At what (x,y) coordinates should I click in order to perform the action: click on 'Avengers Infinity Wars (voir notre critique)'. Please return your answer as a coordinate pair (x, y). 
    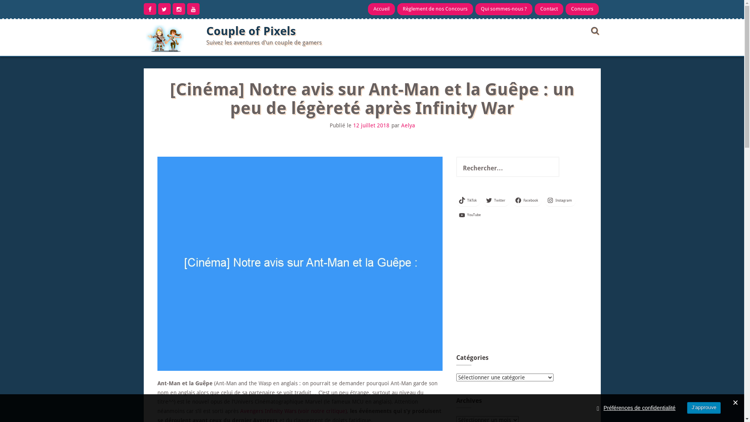
    Looking at the image, I should click on (293, 411).